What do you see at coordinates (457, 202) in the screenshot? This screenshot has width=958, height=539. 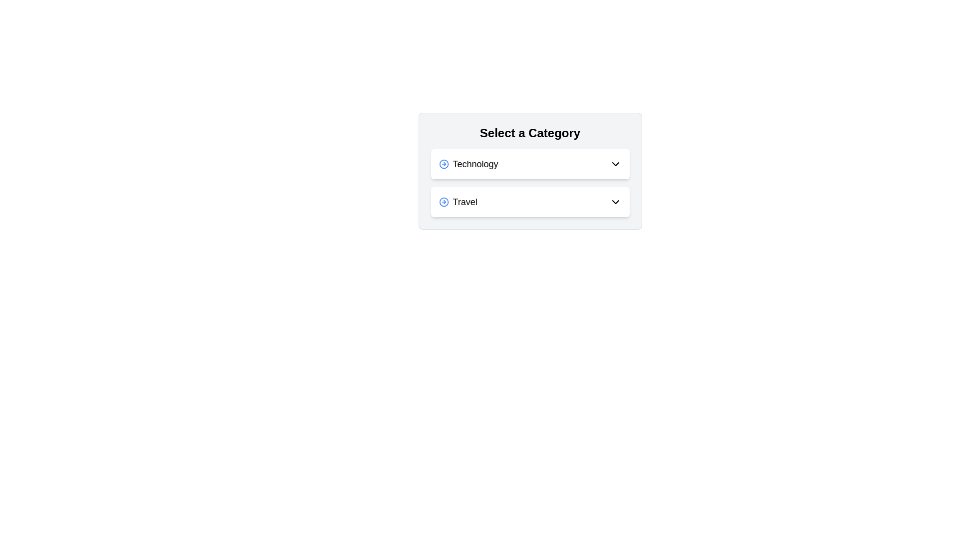 I see `the list item displaying the category label 'Travel'` at bounding box center [457, 202].